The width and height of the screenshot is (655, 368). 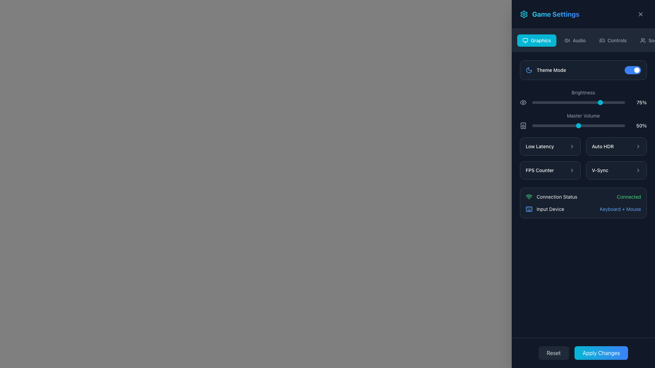 What do you see at coordinates (640, 14) in the screenshot?
I see `the close button located in the top-right corner of the settings interface` at bounding box center [640, 14].